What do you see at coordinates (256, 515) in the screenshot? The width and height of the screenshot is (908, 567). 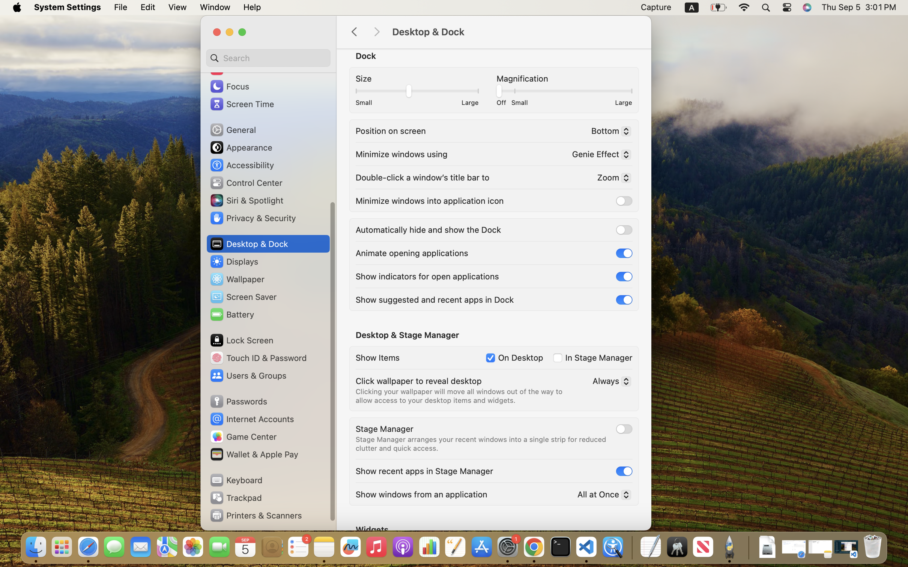 I see `'Printers & Scanners'` at bounding box center [256, 515].